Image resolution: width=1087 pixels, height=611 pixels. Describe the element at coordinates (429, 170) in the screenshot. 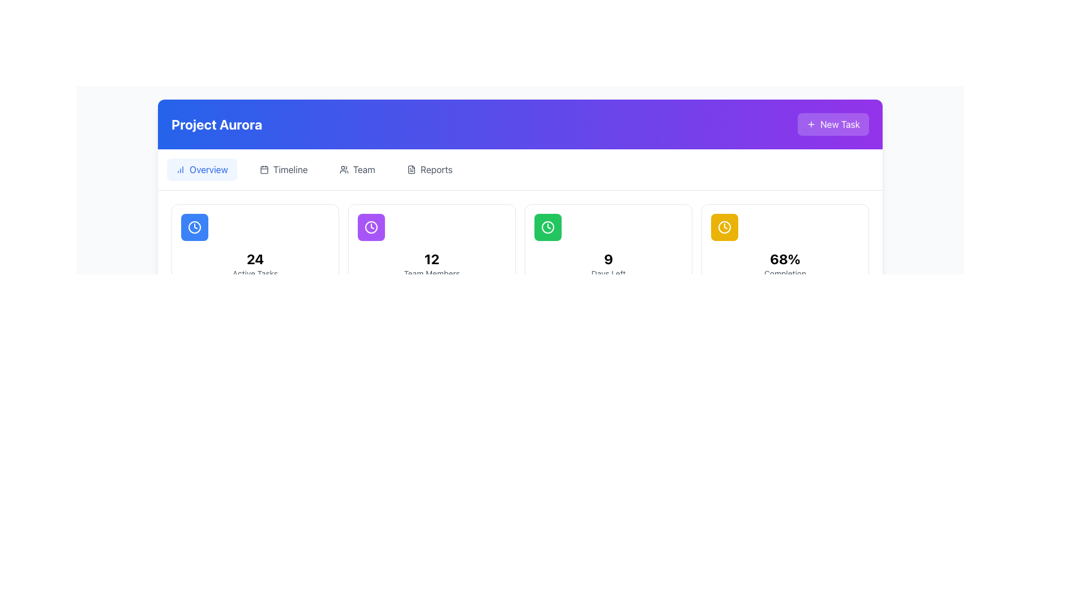

I see `the 'Reports' navigation button in the navigation bar` at that location.